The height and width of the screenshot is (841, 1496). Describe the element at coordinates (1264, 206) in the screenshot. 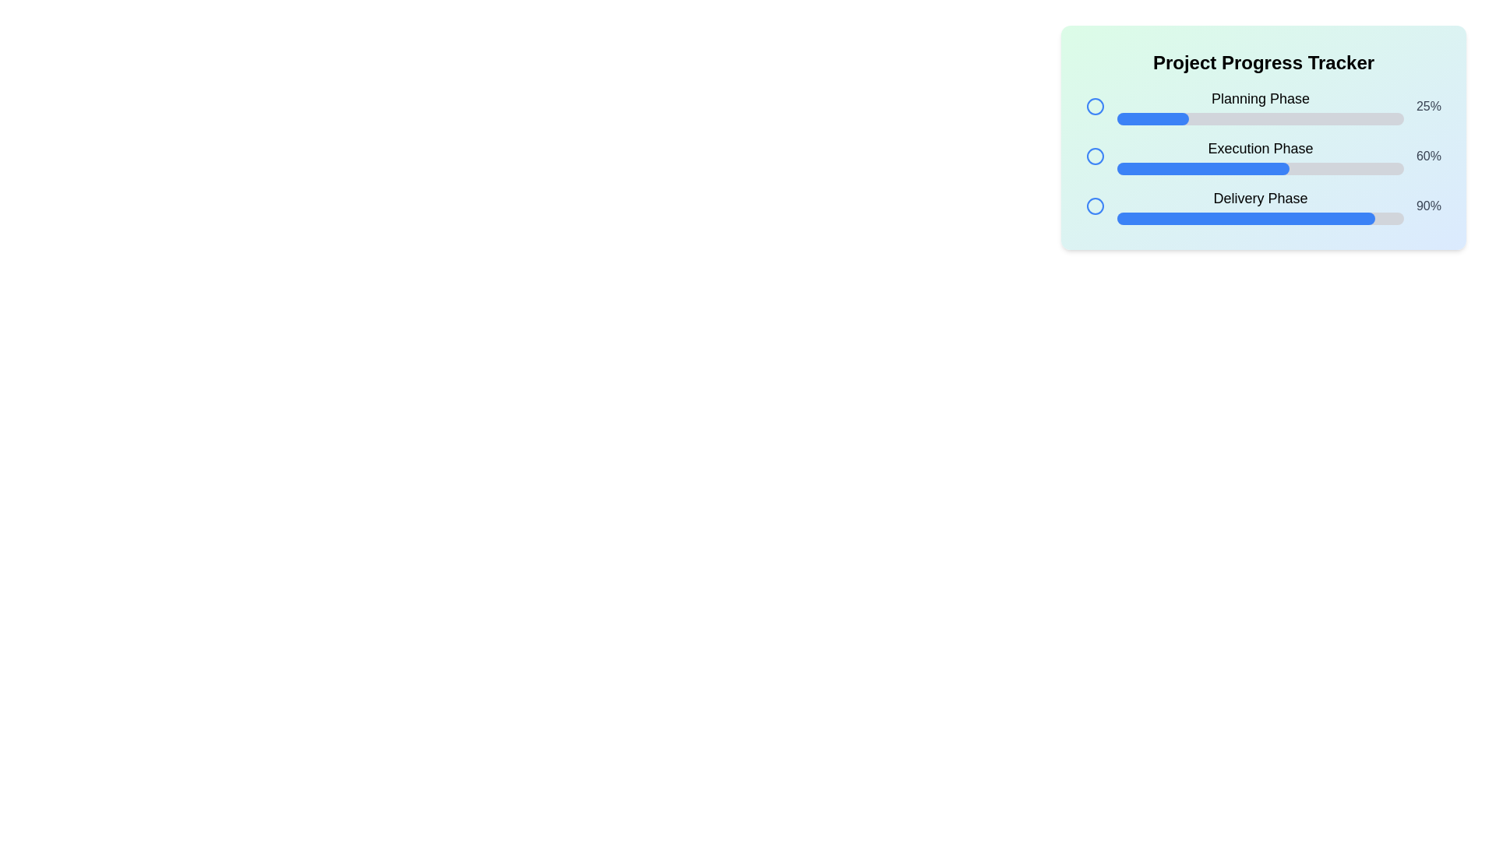

I see `the progress information for the Delivery Phase progress bar, which indicates 90% completion and is styled with rounded edges and a blue filled portion` at that location.